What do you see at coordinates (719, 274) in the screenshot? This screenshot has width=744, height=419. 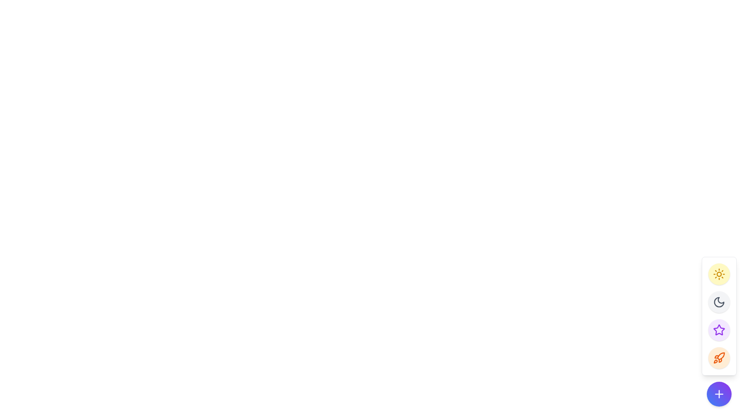 I see `the topmost circular button that activates the sun mode in the vertical set of buttons located at the bottom-right edge of the interface` at bounding box center [719, 274].